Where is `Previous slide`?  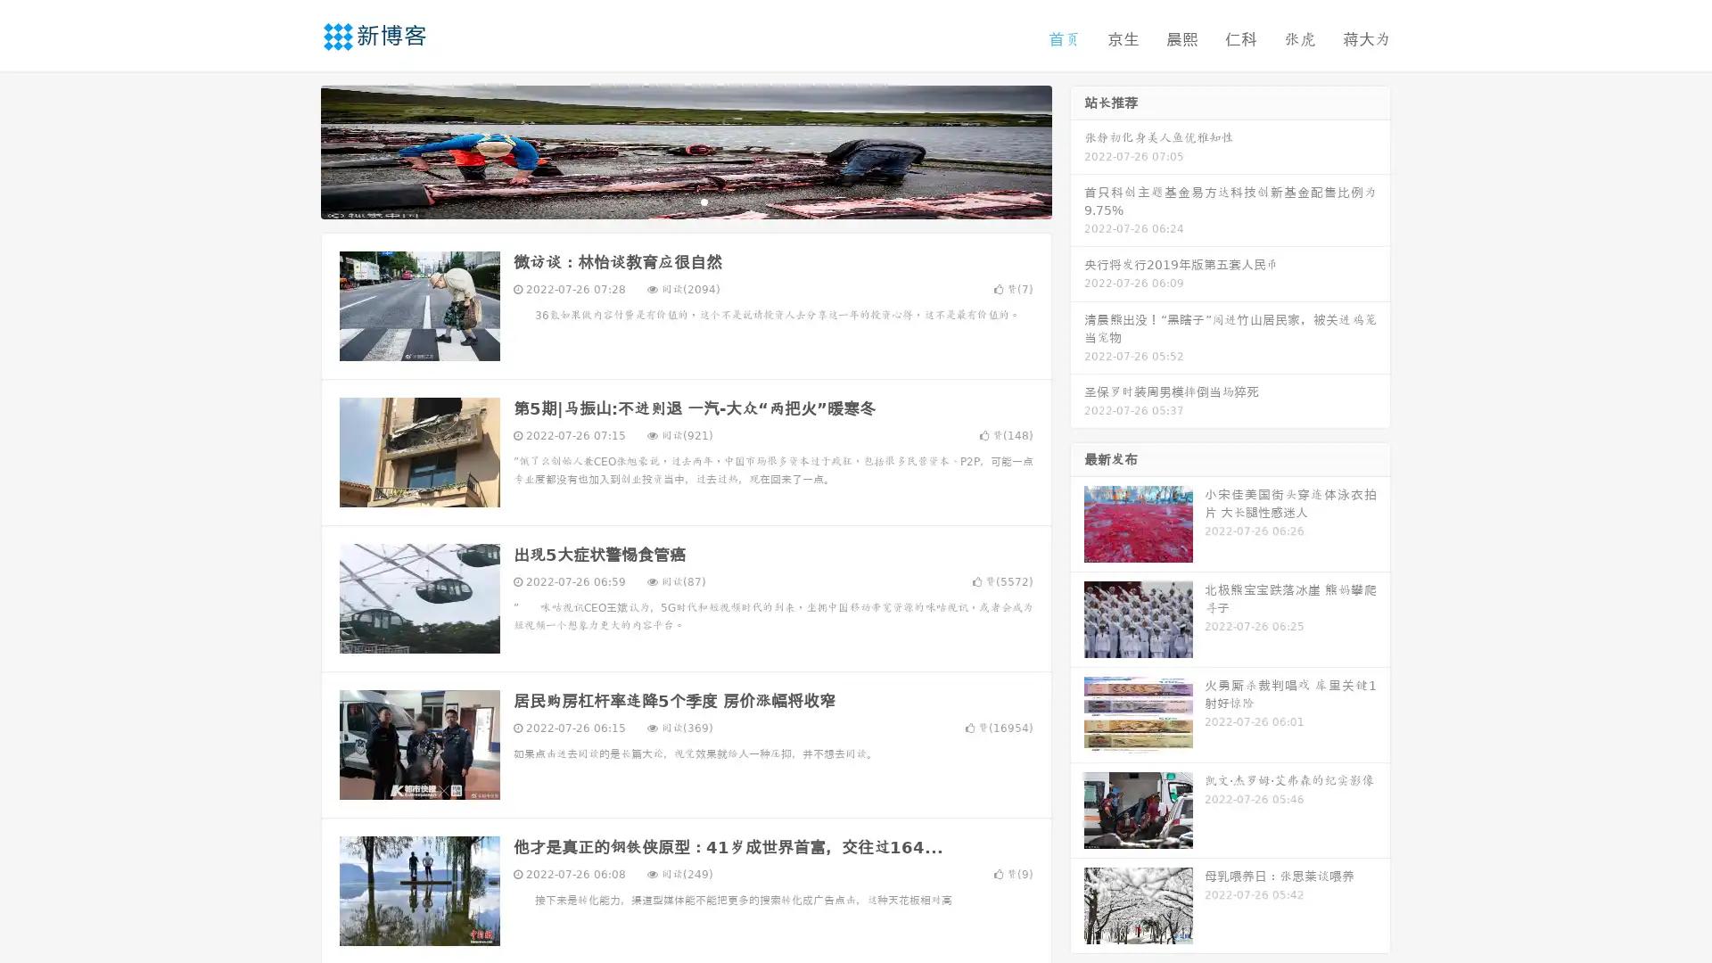 Previous slide is located at coordinates (294, 150).